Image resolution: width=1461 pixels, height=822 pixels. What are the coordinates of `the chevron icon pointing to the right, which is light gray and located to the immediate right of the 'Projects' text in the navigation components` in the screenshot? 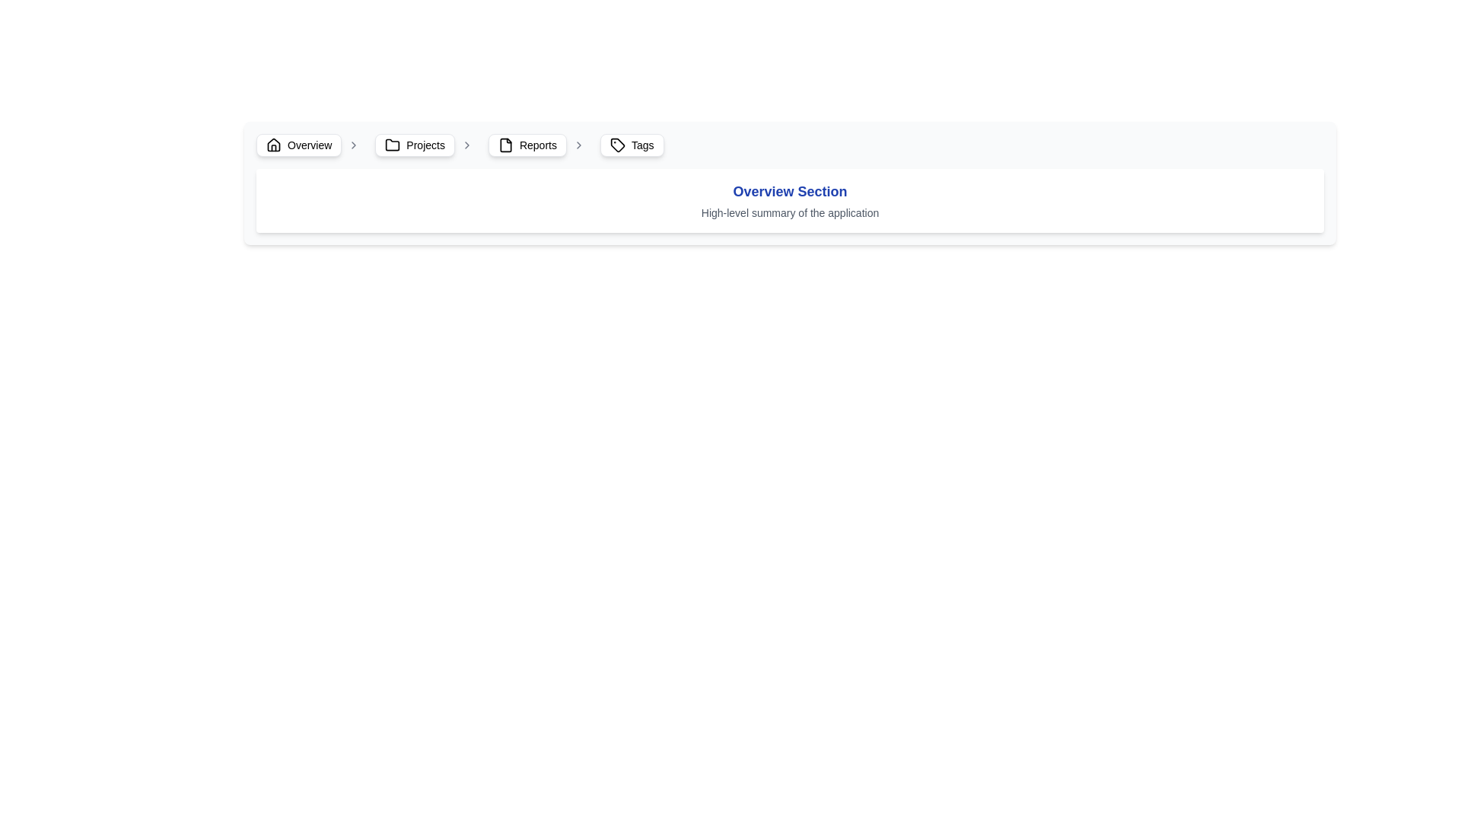 It's located at (466, 145).